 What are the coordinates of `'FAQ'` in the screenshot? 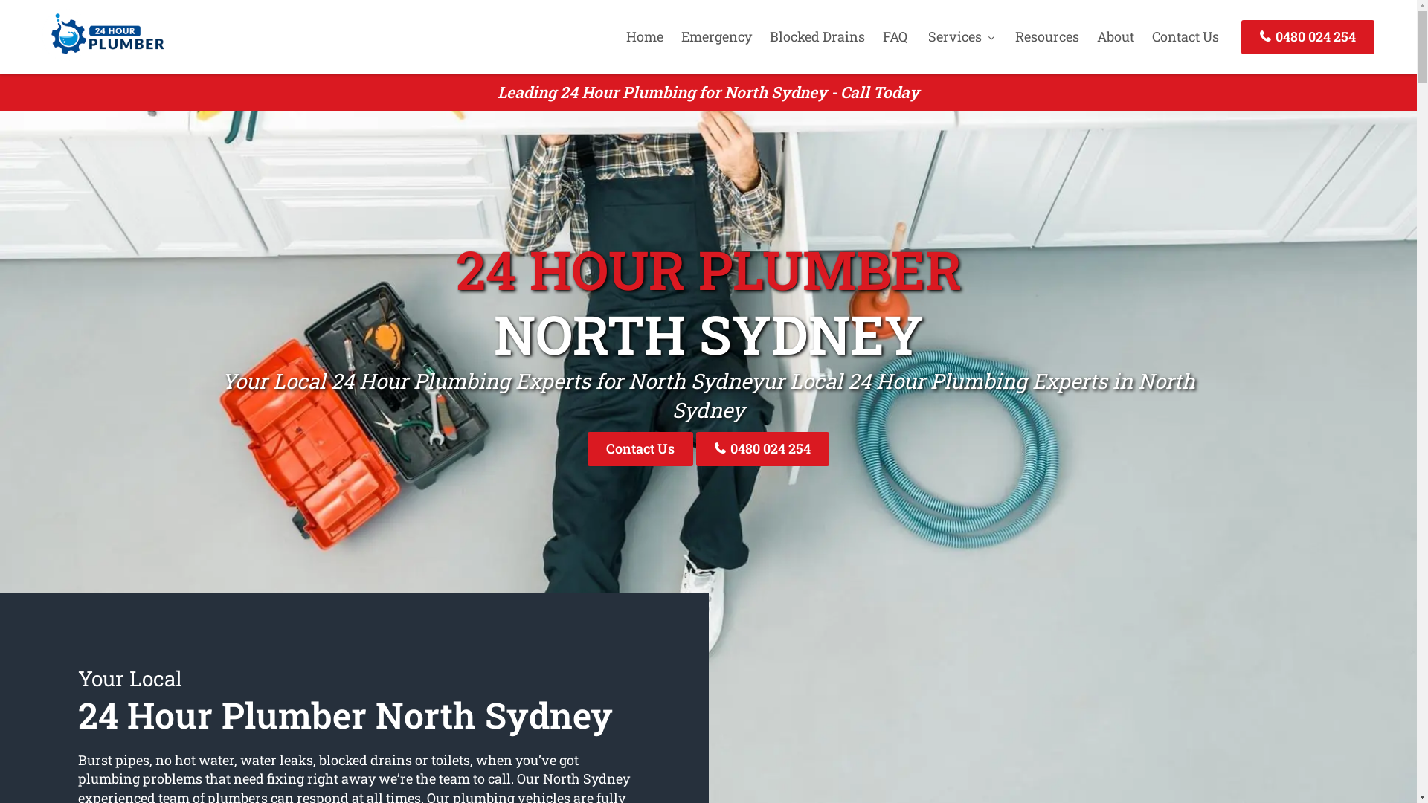 It's located at (894, 36).